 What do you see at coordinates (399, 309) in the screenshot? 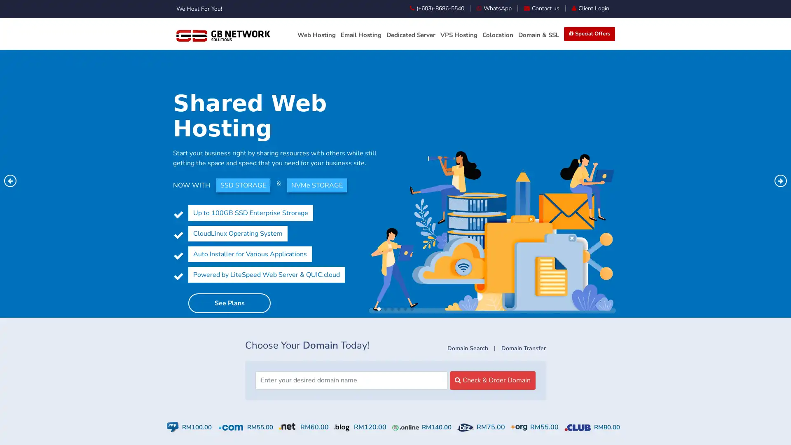
I see `Go to slide 4` at bounding box center [399, 309].